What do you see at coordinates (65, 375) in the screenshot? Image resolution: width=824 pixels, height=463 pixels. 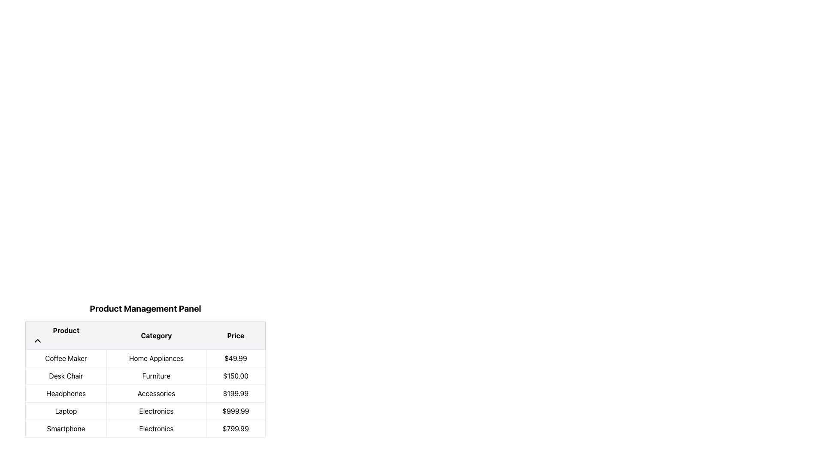 I see `text label displaying 'Desk Chair' in the second row of the product table` at bounding box center [65, 375].